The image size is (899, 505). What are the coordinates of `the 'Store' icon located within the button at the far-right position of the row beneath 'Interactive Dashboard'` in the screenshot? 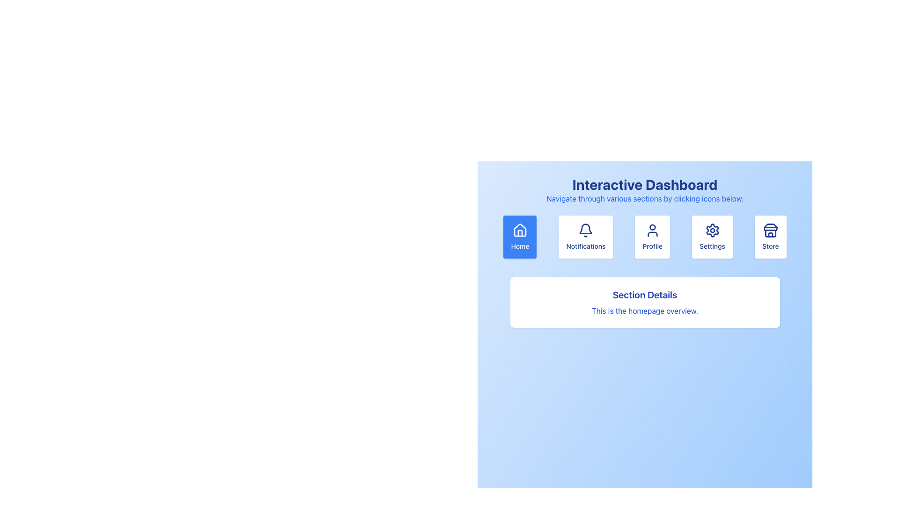 It's located at (770, 231).